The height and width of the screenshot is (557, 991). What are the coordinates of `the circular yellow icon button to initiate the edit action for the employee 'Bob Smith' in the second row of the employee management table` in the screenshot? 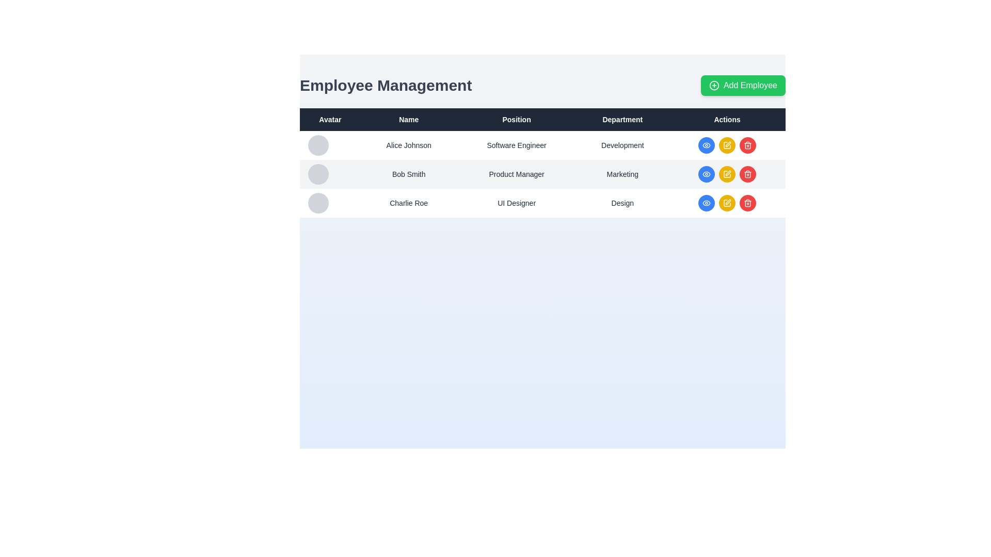 It's located at (727, 203).